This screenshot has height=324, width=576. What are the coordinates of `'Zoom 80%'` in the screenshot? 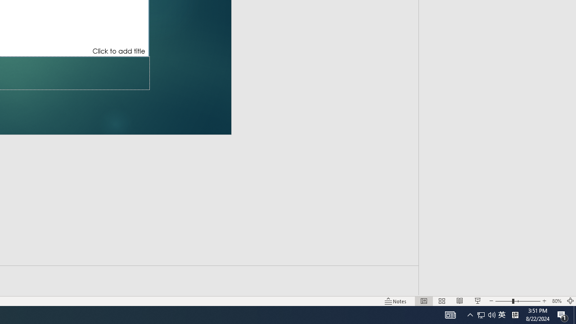 It's located at (556, 301).